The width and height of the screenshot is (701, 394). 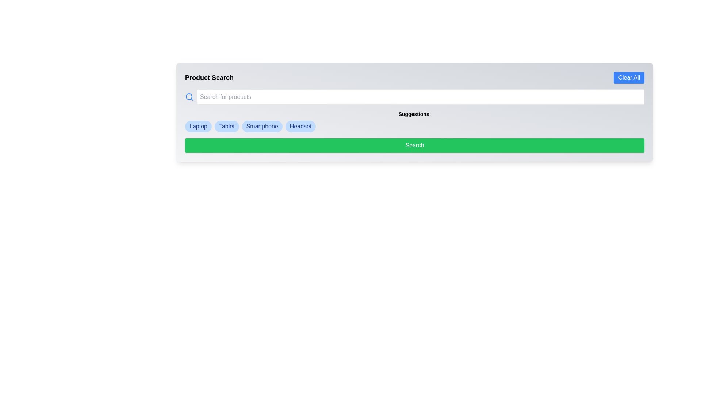 I want to click on the third badge labeled 'Smartphone', so click(x=262, y=126).